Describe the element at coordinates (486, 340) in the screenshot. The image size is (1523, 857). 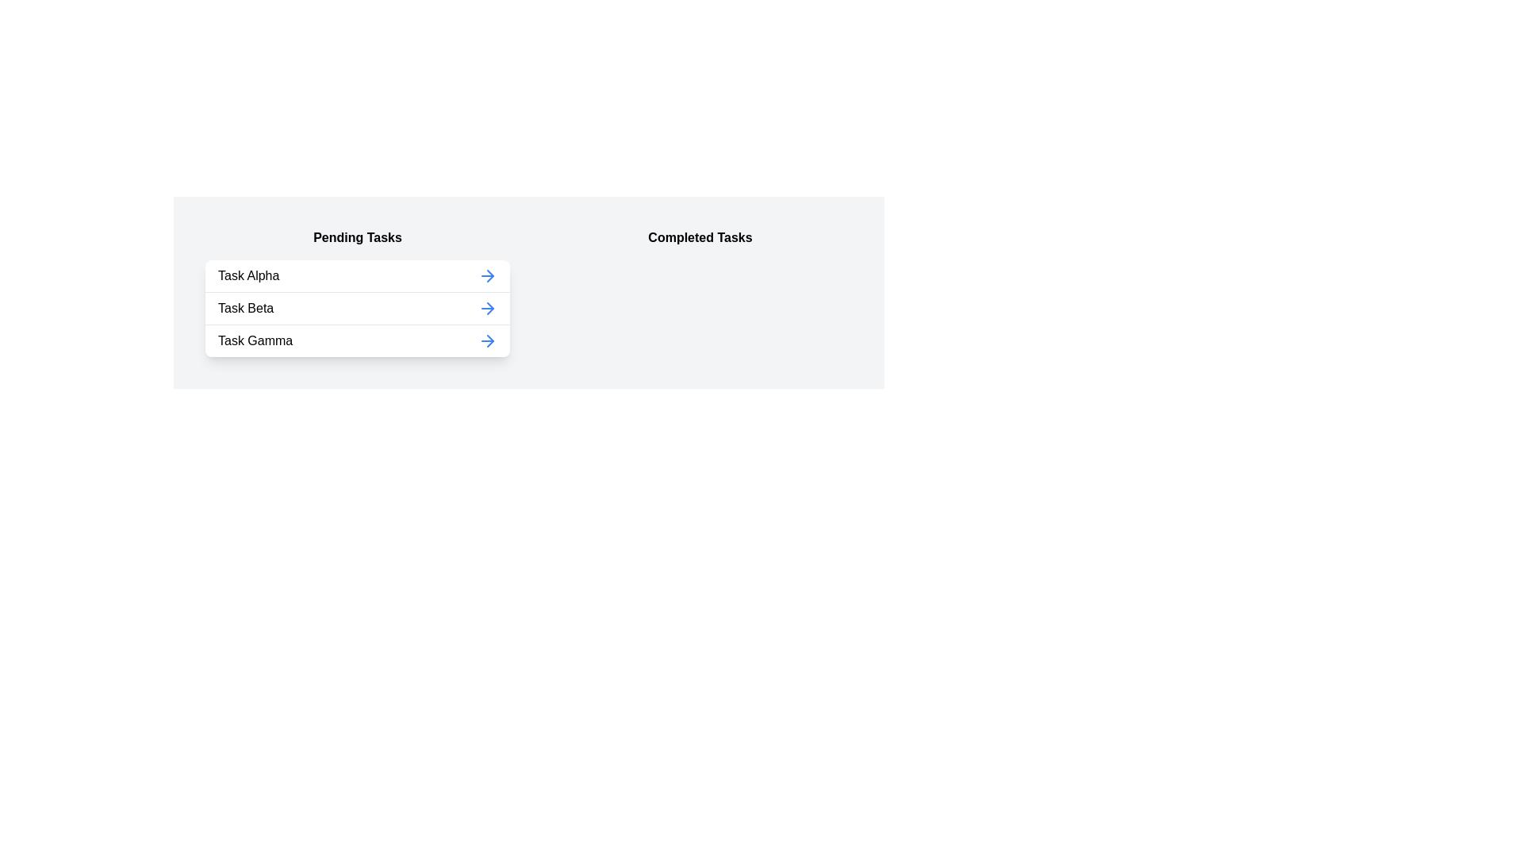
I see `the arrow button next to the task Task Gamma to move it to the 'Completed Tasks' list` at that location.